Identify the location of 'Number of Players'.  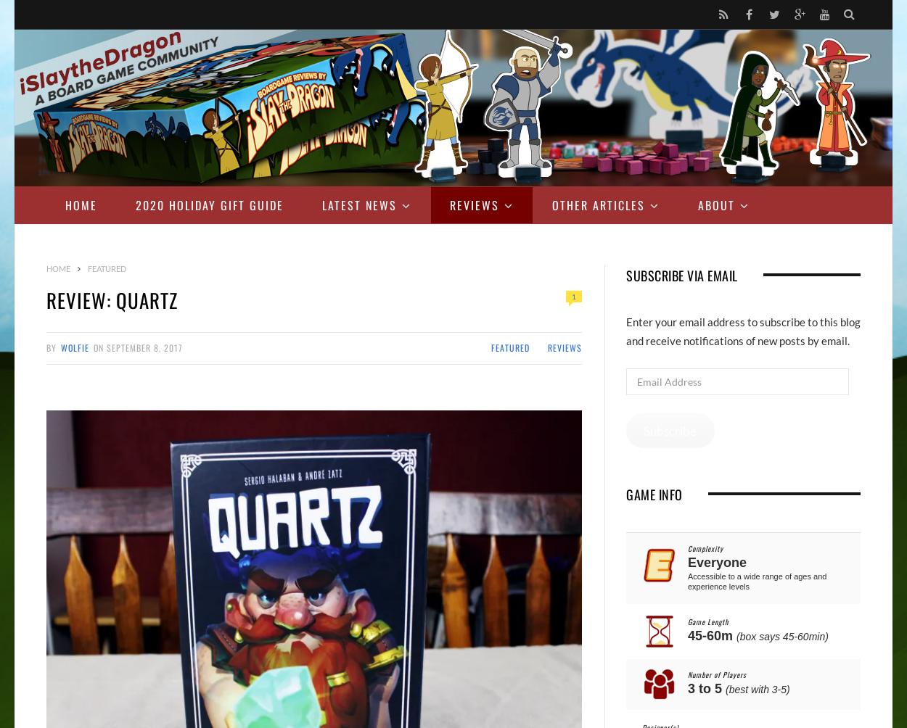
(687, 673).